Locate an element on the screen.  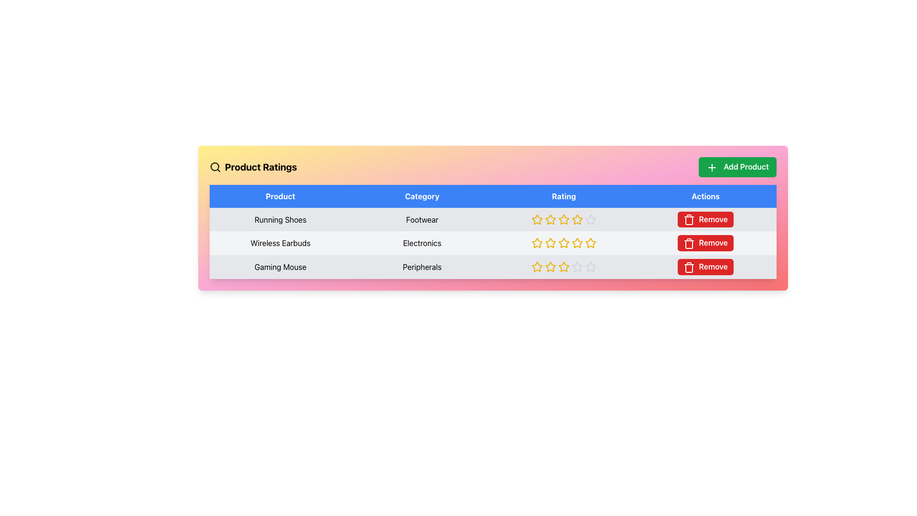
the small circular decorative graphic component located at the center of the search icon near the title 'Product Ratings' is located at coordinates (214, 165).